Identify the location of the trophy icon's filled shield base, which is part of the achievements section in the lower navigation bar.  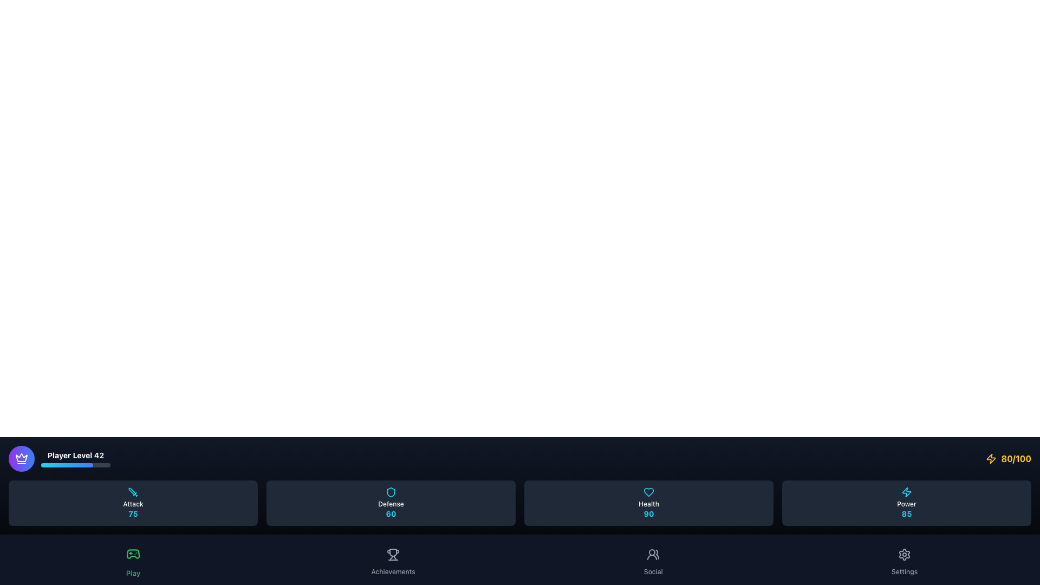
(393, 552).